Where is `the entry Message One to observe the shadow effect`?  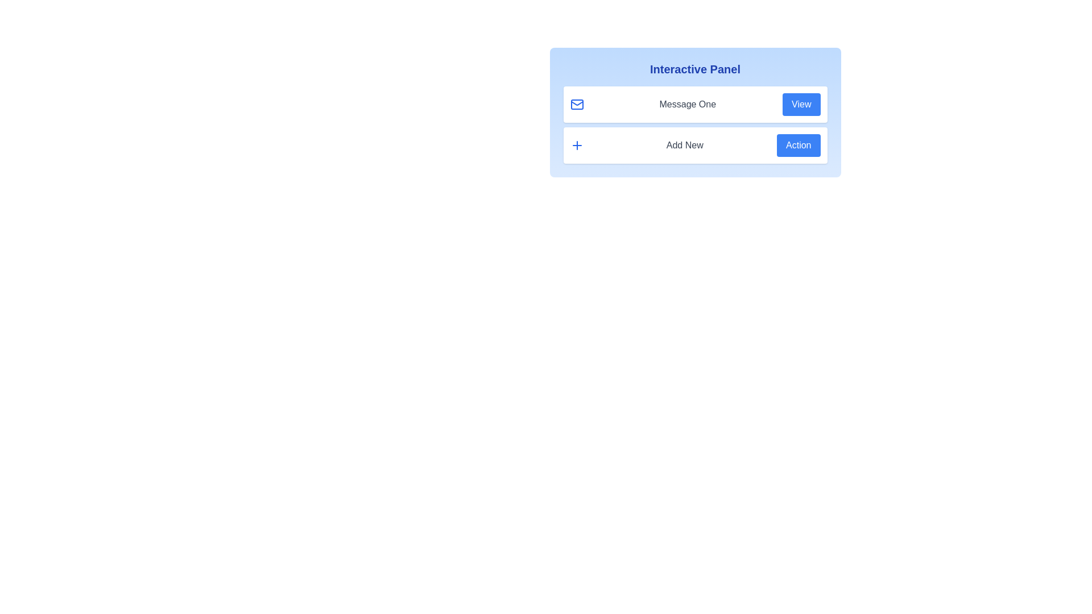 the entry Message One to observe the shadow effect is located at coordinates (694, 105).